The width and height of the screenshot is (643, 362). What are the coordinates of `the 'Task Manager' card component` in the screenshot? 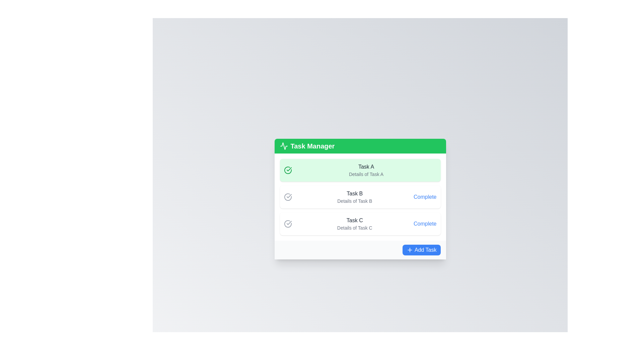 It's located at (360, 199).